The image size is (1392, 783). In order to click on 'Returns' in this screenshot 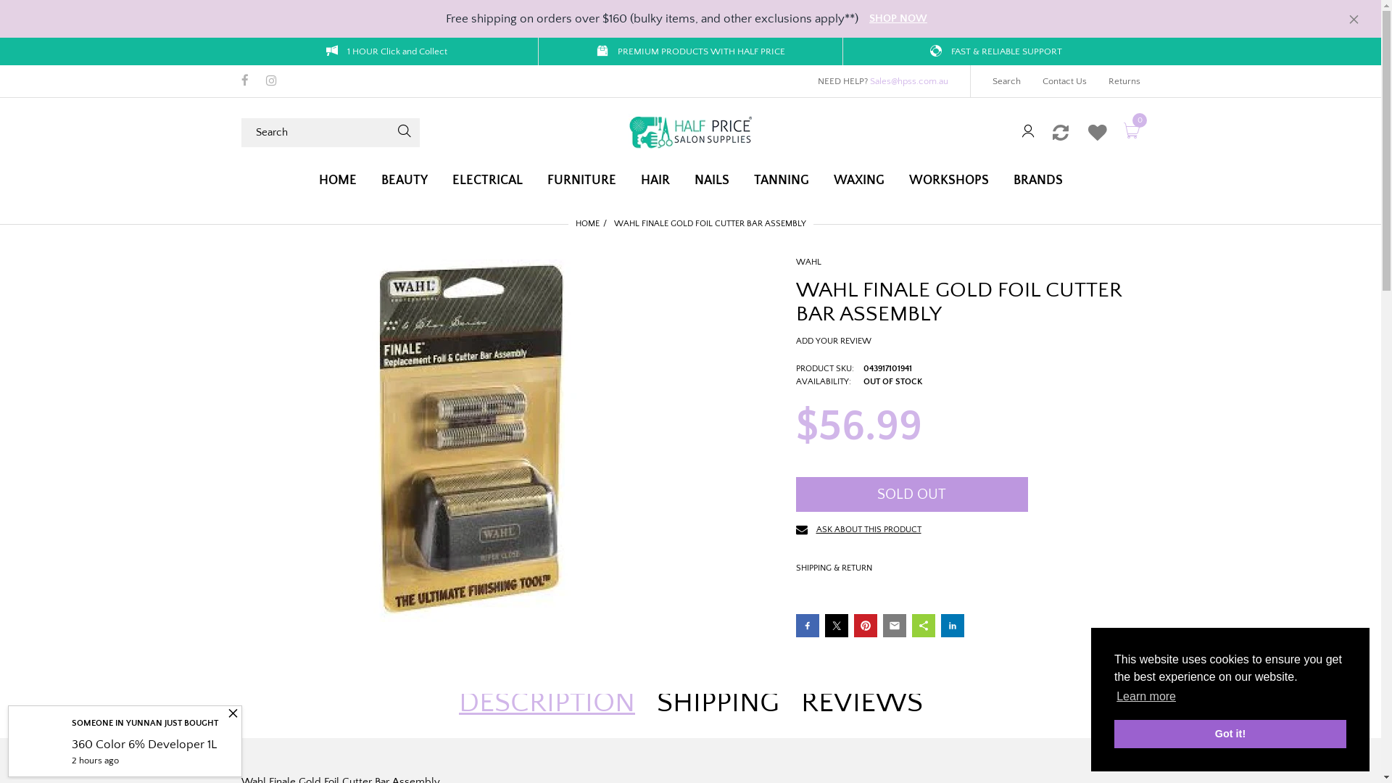, I will do `click(1106, 80)`.